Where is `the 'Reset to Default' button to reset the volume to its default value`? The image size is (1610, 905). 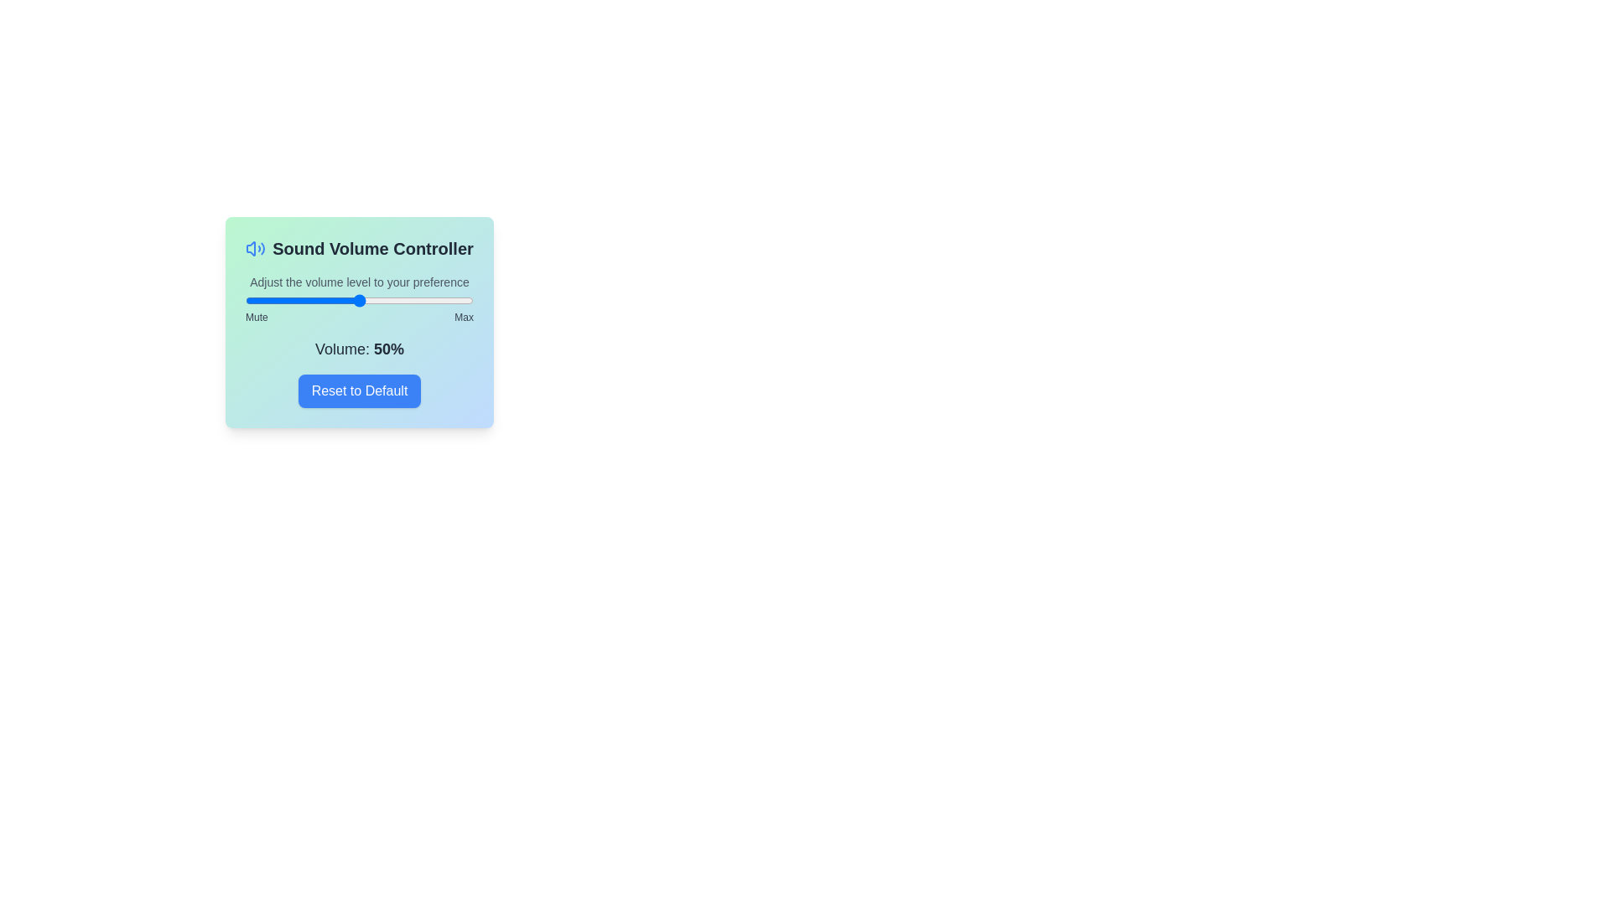
the 'Reset to Default' button to reset the volume to its default value is located at coordinates (358, 390).